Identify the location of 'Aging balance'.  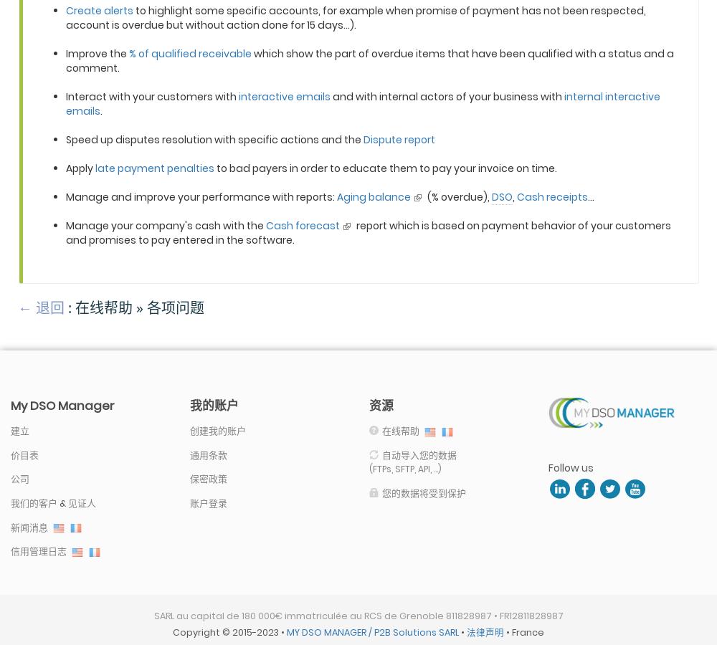
(374, 195).